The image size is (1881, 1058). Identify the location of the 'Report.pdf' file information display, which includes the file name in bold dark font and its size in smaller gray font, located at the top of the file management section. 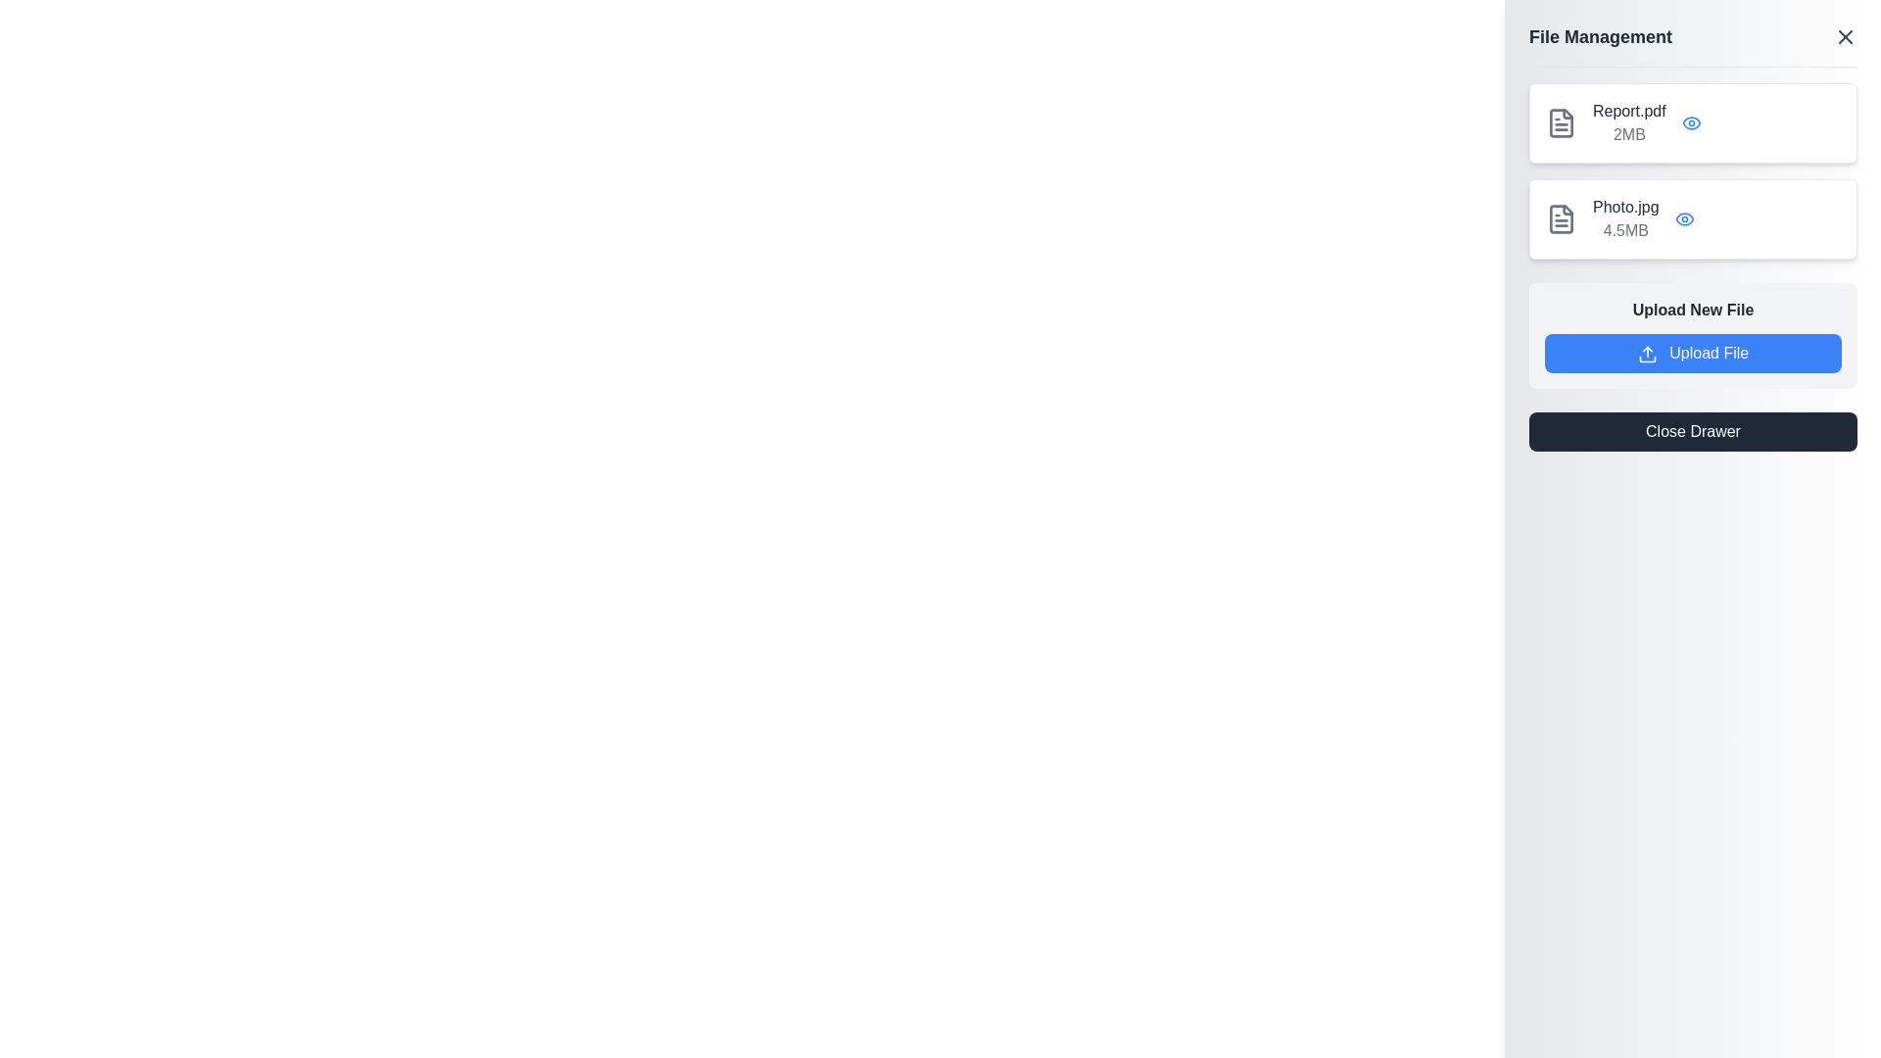
(1629, 123).